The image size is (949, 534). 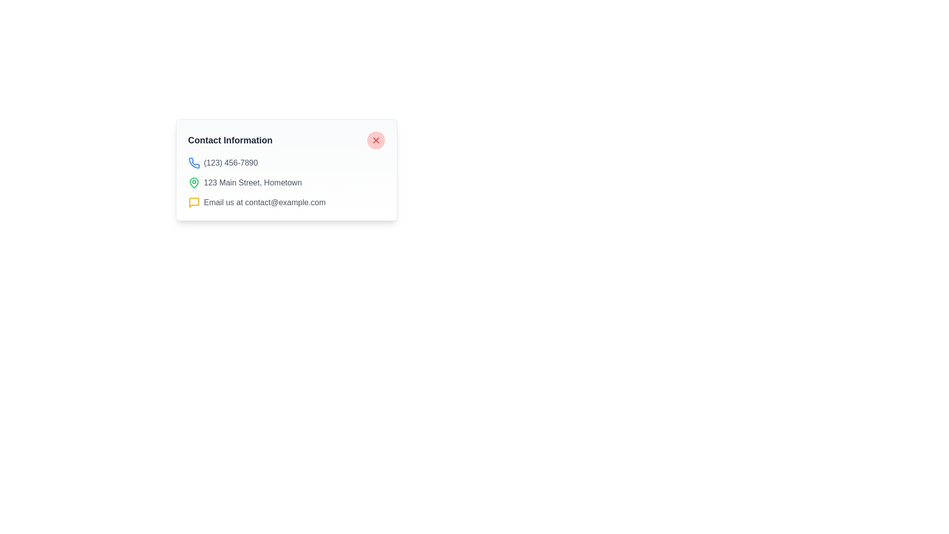 What do you see at coordinates (286, 183) in the screenshot?
I see `the text-based component displaying the address, located under the 'Contact Information' section` at bounding box center [286, 183].